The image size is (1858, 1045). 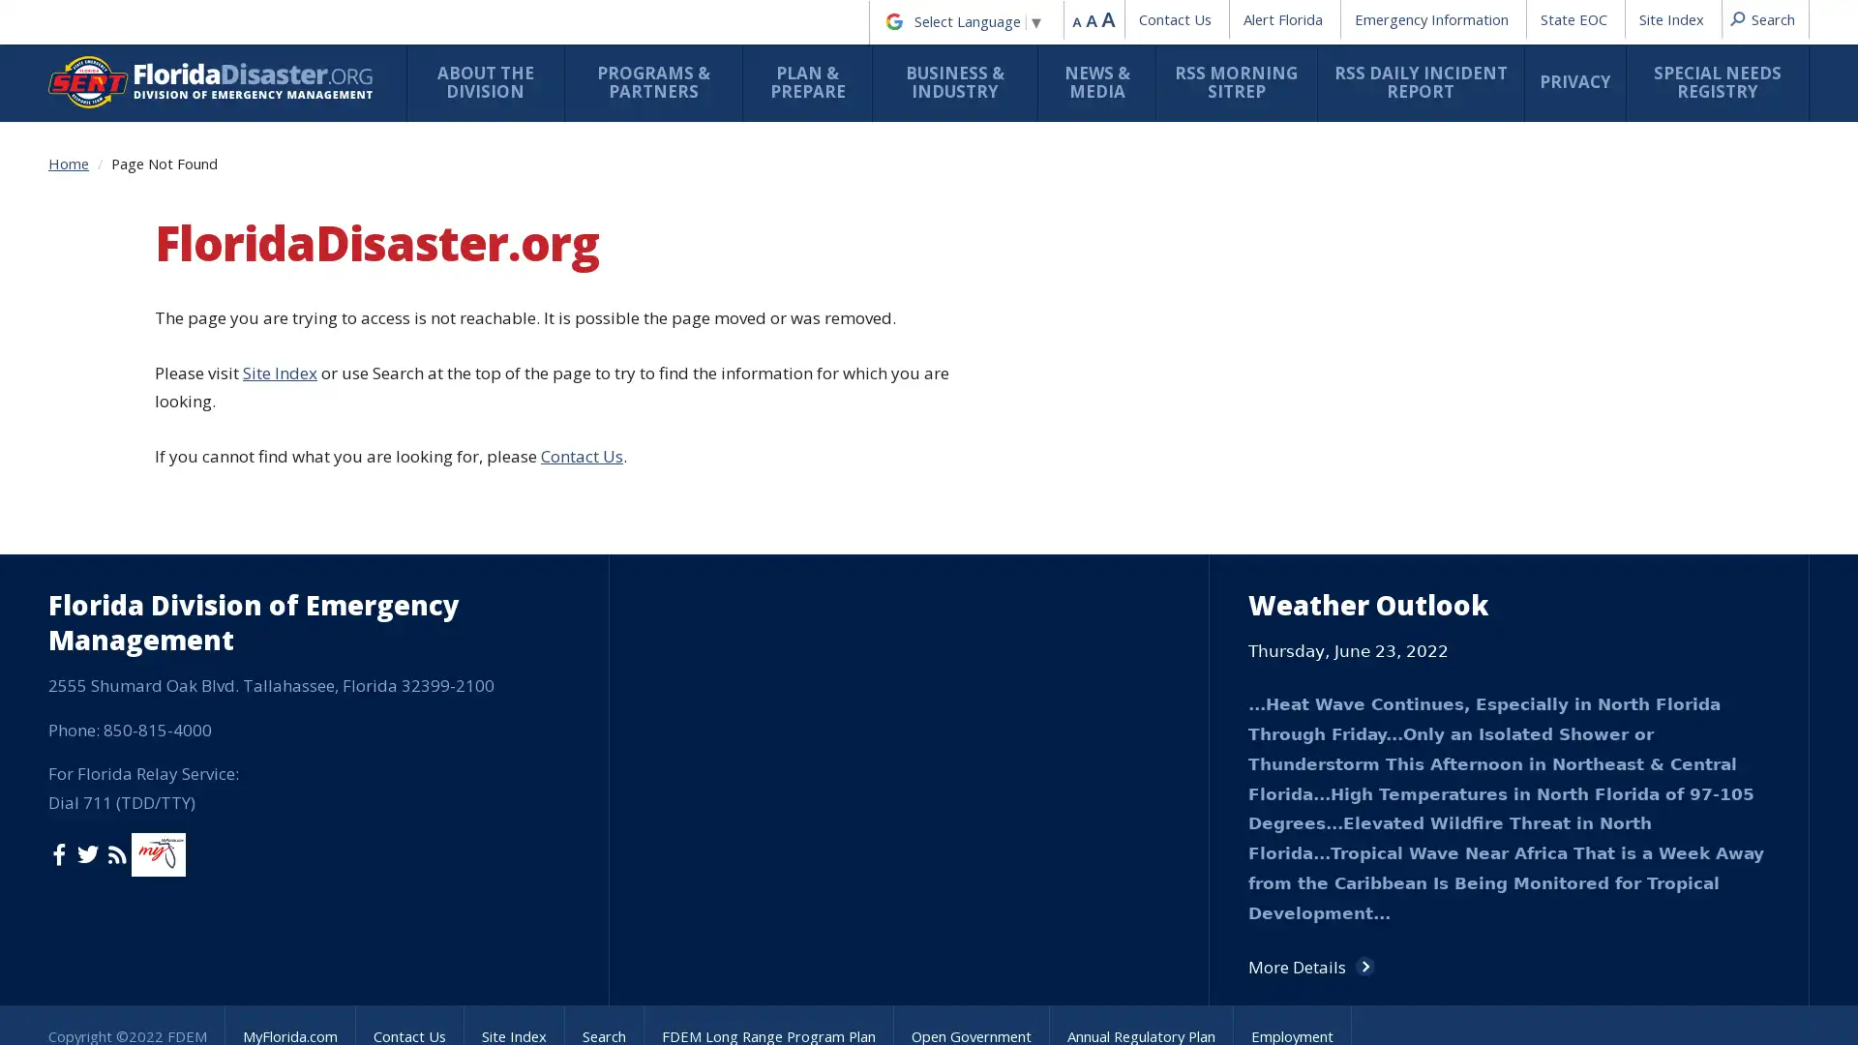 I want to click on Toggle More, so click(x=581, y=147).